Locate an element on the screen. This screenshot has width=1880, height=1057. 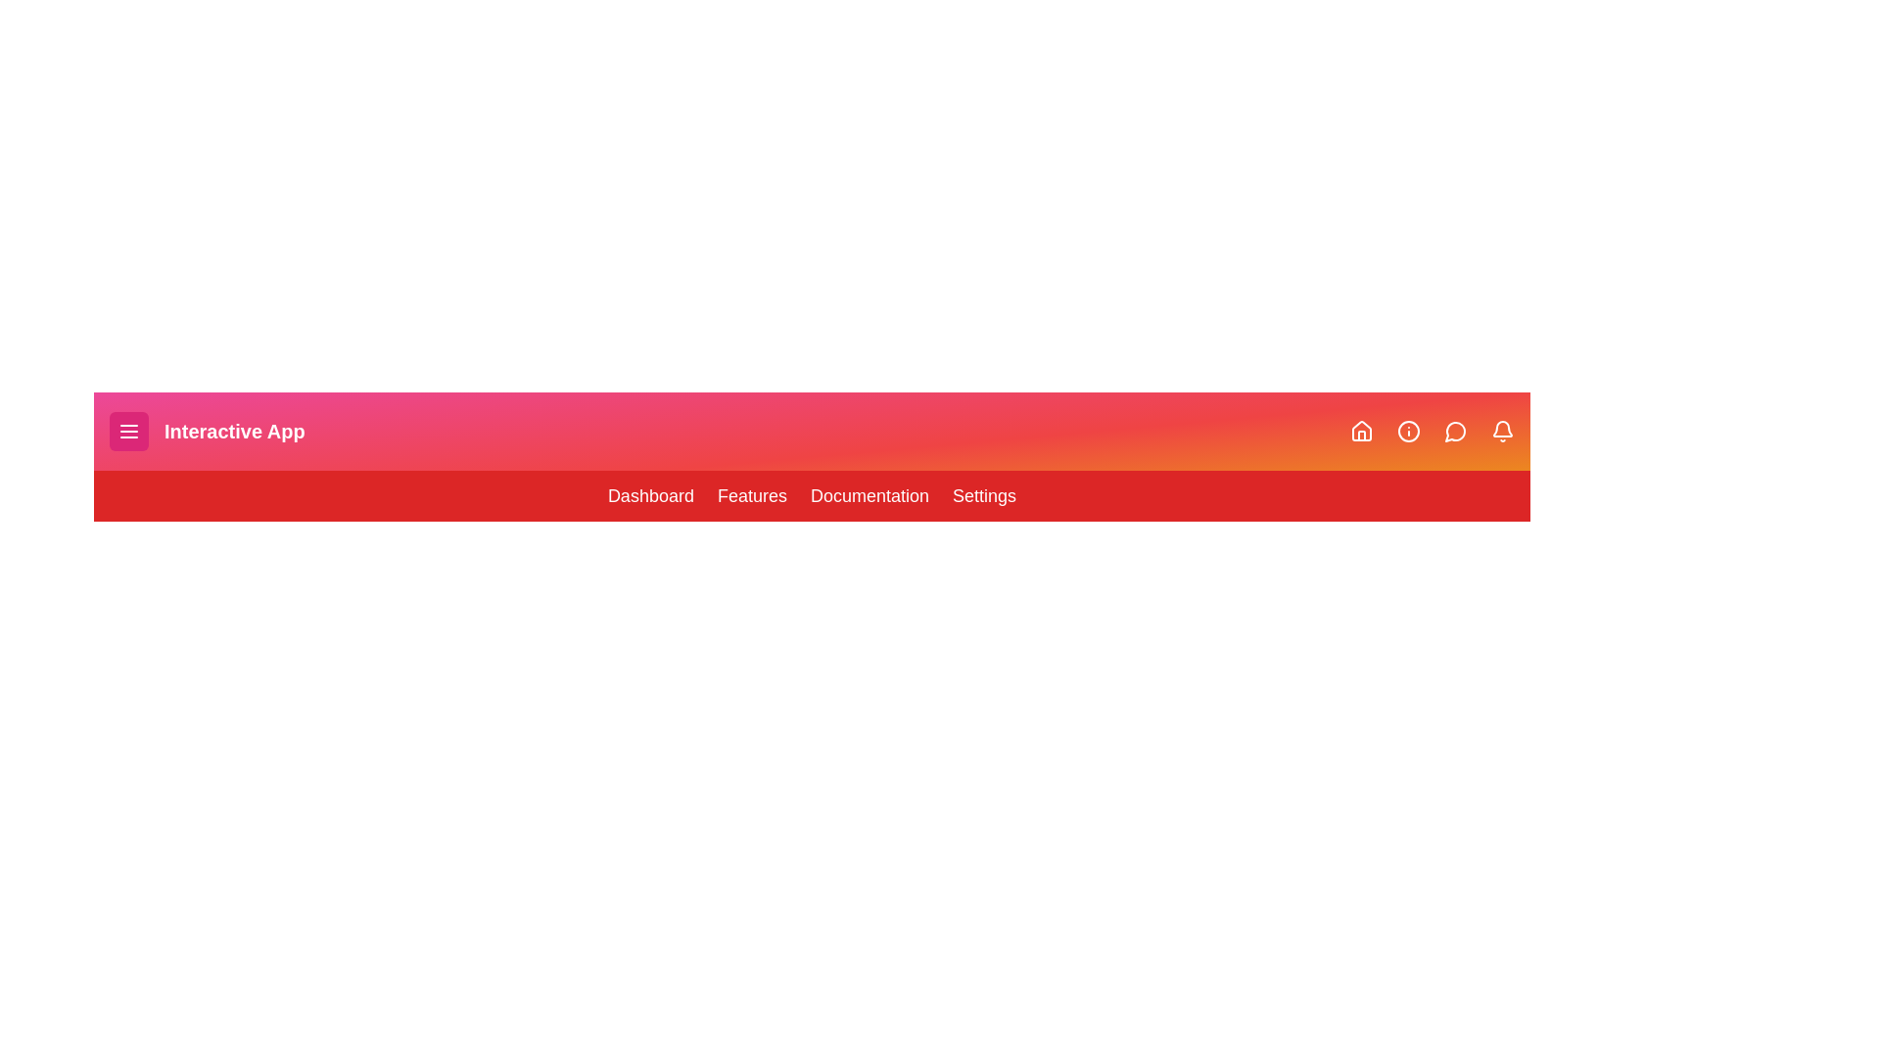
the menu item Features from the menu bar is located at coordinates (751, 494).